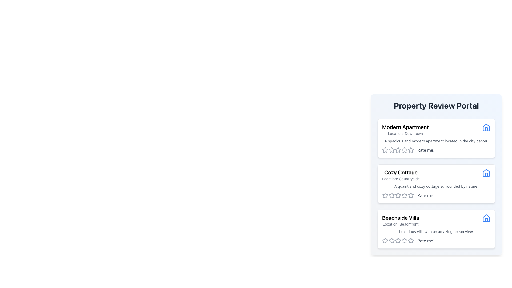 This screenshot has width=512, height=288. I want to click on text displayed in the Text Label showing the title 'Beachside Villa', located at the top of the text area of the bottommost card in the vertical stack of property entries, so click(401, 218).